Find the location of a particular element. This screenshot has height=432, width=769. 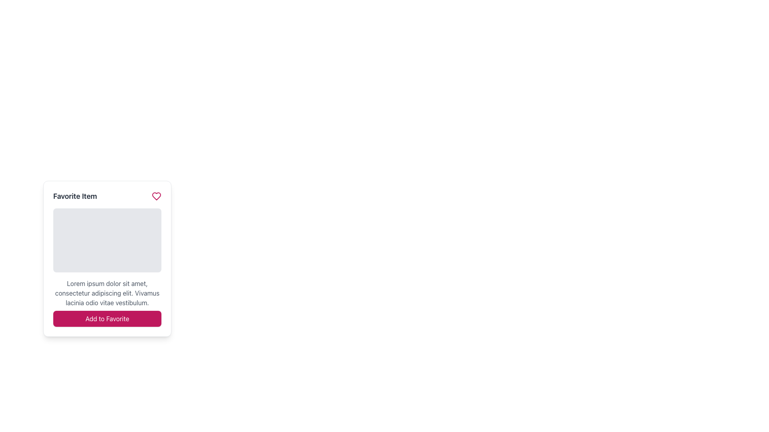

the heart icon button representing the 'favorite' functionality, located to the right of the 'Favorite Item' heading is located at coordinates (156, 196).